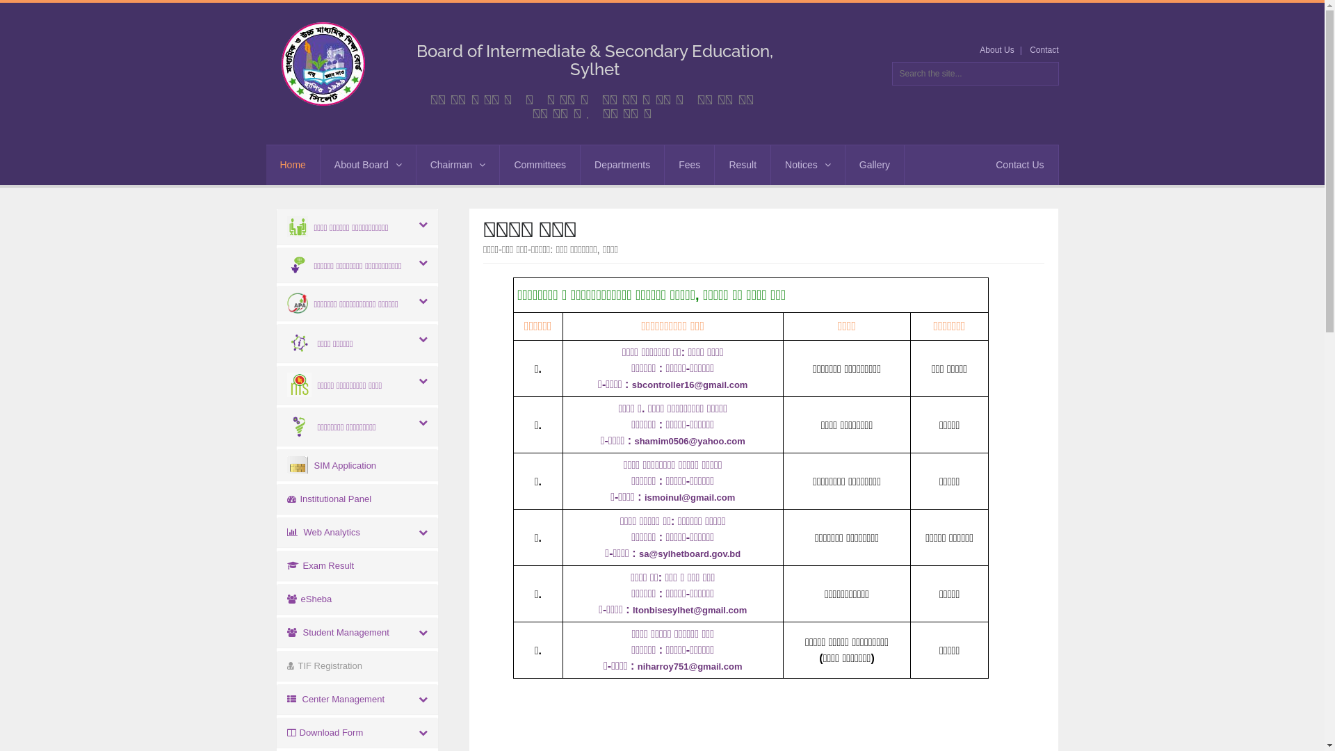  What do you see at coordinates (844, 164) in the screenshot?
I see `'Gallery'` at bounding box center [844, 164].